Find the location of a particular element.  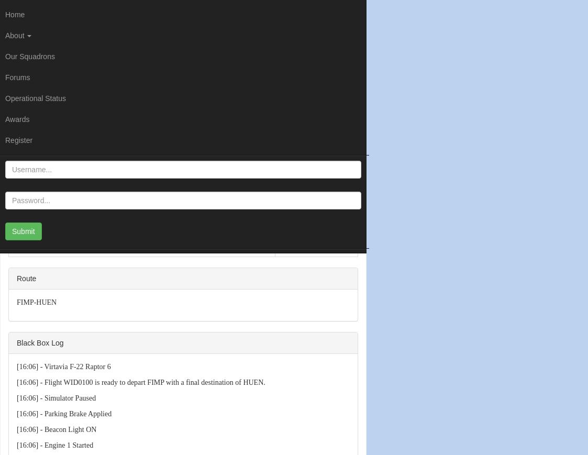

'Aircraft' is located at coordinates (23, 236).